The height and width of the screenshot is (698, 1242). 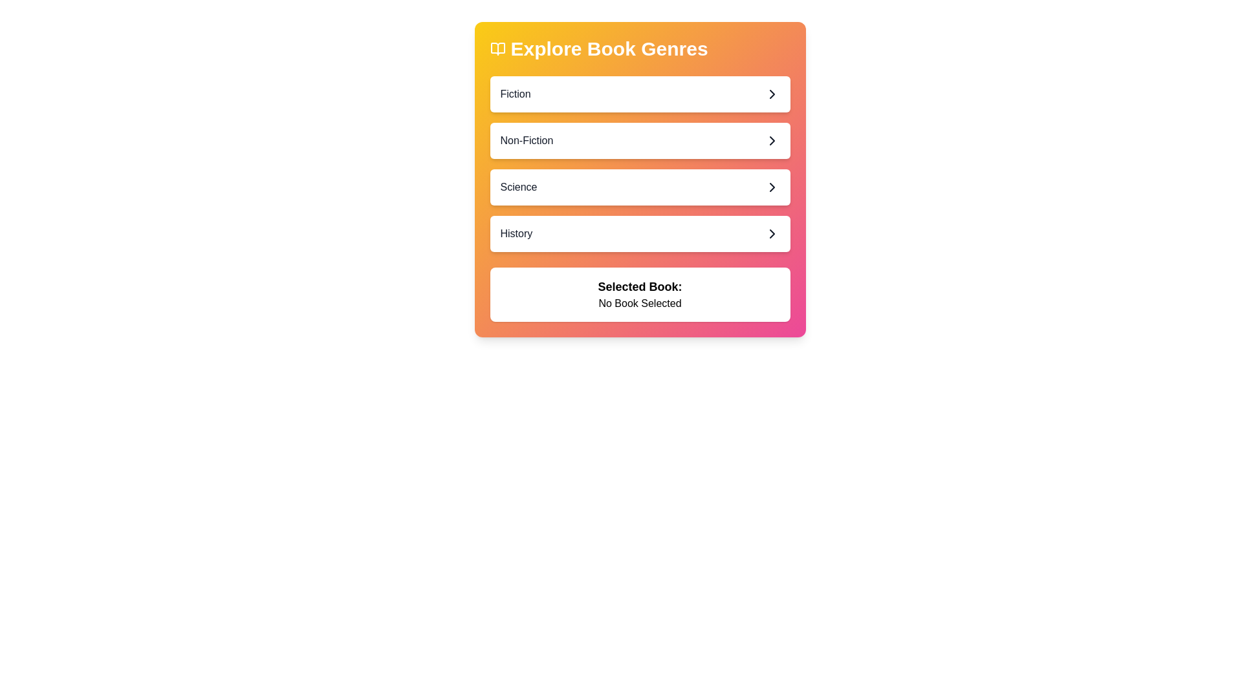 I want to click on the 'Science' label, which is the third item in the vertical list of book genres under the 'Explore Book Genres' section, located on a white rectangular button with rounded corners, so click(x=518, y=187).